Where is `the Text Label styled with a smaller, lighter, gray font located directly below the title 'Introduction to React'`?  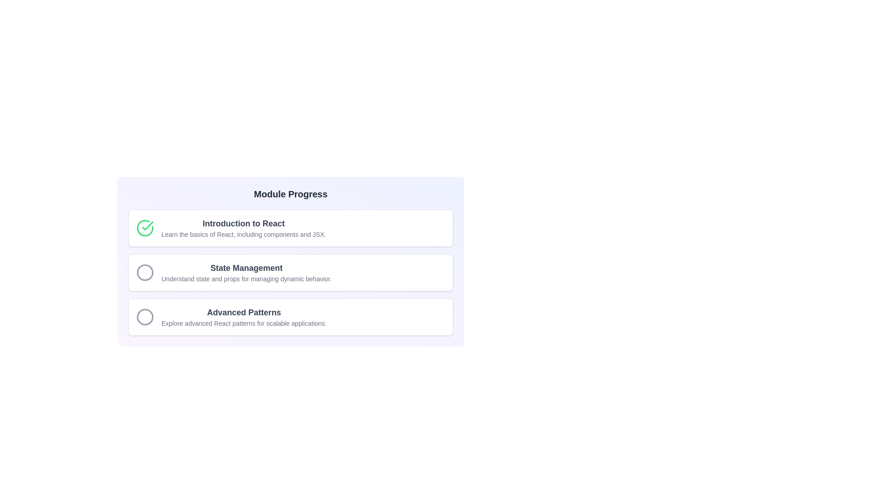 the Text Label styled with a smaller, lighter, gray font located directly below the title 'Introduction to React' is located at coordinates (244, 234).